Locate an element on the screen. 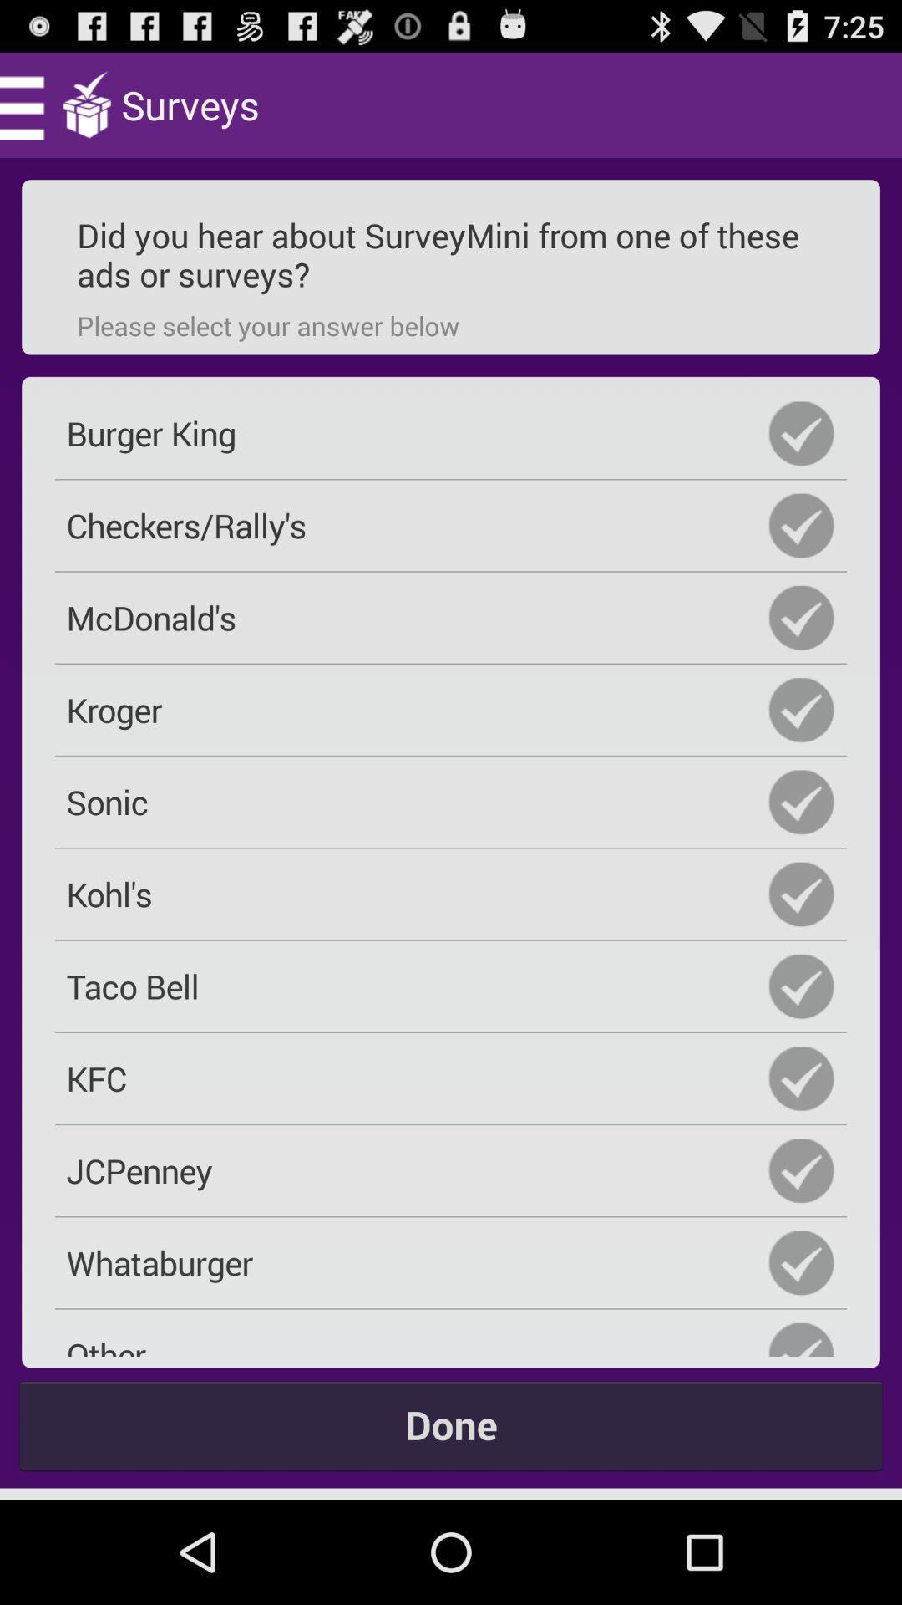 Image resolution: width=902 pixels, height=1605 pixels. whataburger is located at coordinates (451, 1262).